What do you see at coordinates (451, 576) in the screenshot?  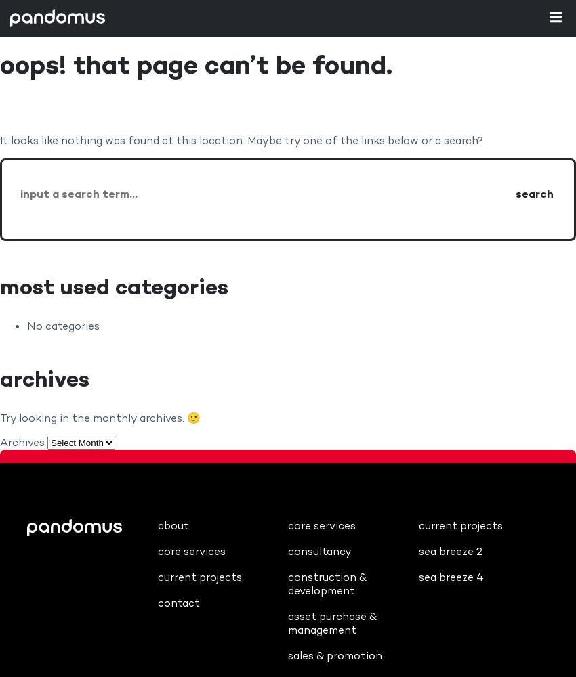 I see `'Sea Breeze 4'` at bounding box center [451, 576].